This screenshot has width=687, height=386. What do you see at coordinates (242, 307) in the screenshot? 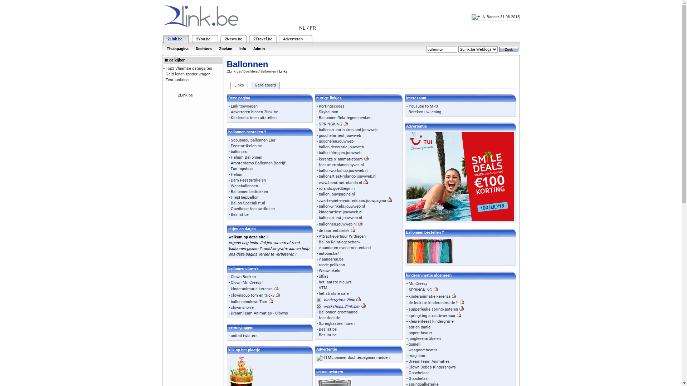
I see `'clown snorre'` at bounding box center [242, 307].